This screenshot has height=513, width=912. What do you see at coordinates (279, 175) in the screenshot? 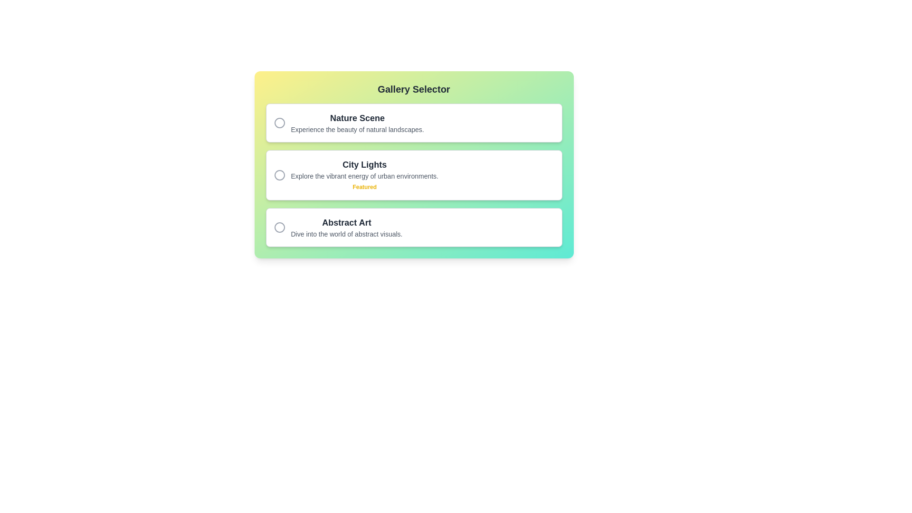
I see `the circular radio button indicator for the 'City Lights' option` at bounding box center [279, 175].